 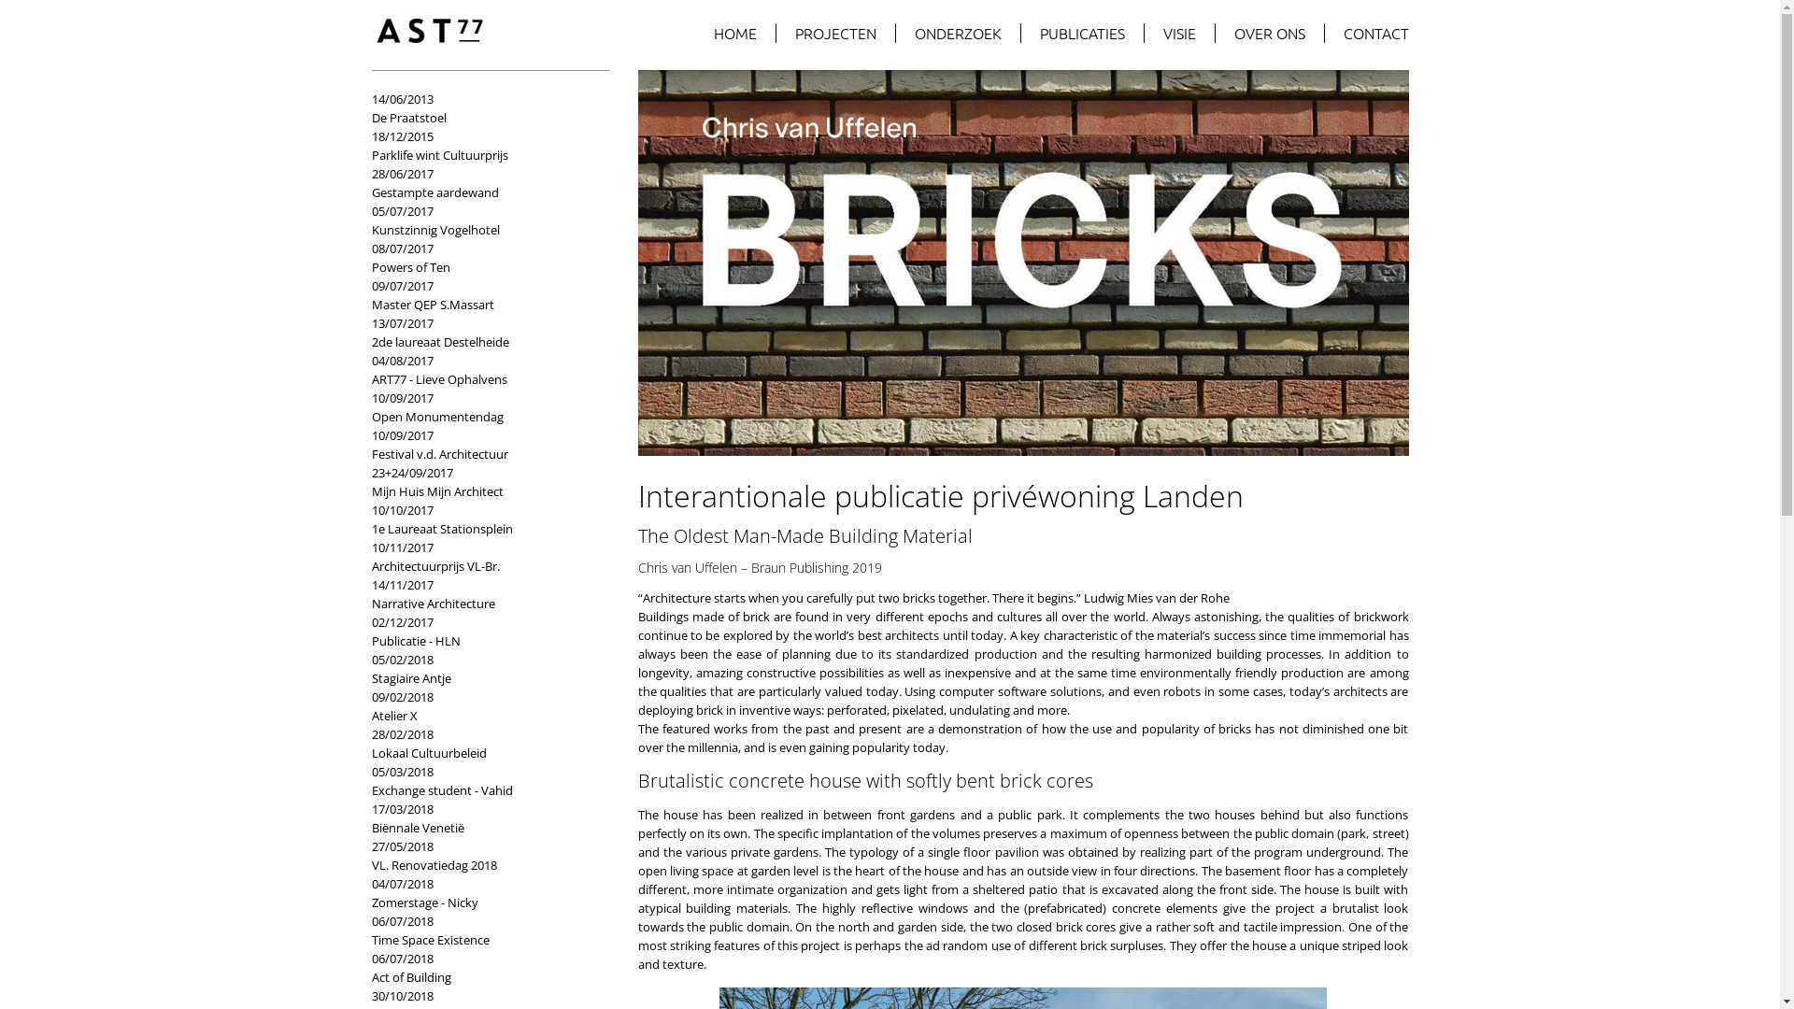 I want to click on '02/12/2017, so click(x=481, y=631).